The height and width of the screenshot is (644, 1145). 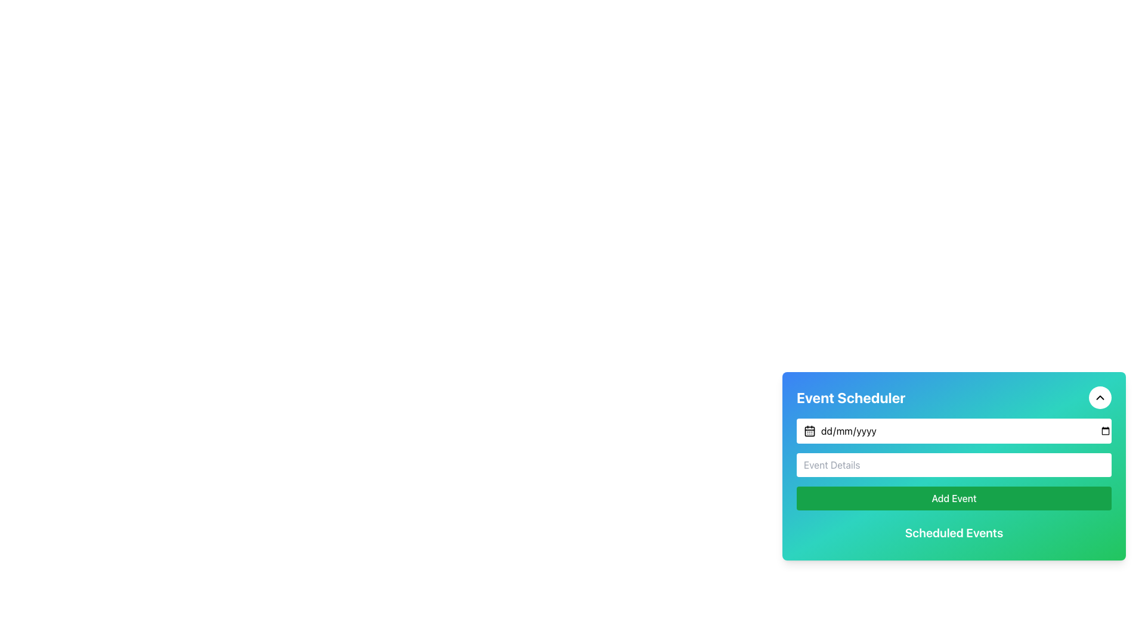 I want to click on the button located at the top-right corner of the 'Event Scheduler' panel, so click(x=1099, y=398).